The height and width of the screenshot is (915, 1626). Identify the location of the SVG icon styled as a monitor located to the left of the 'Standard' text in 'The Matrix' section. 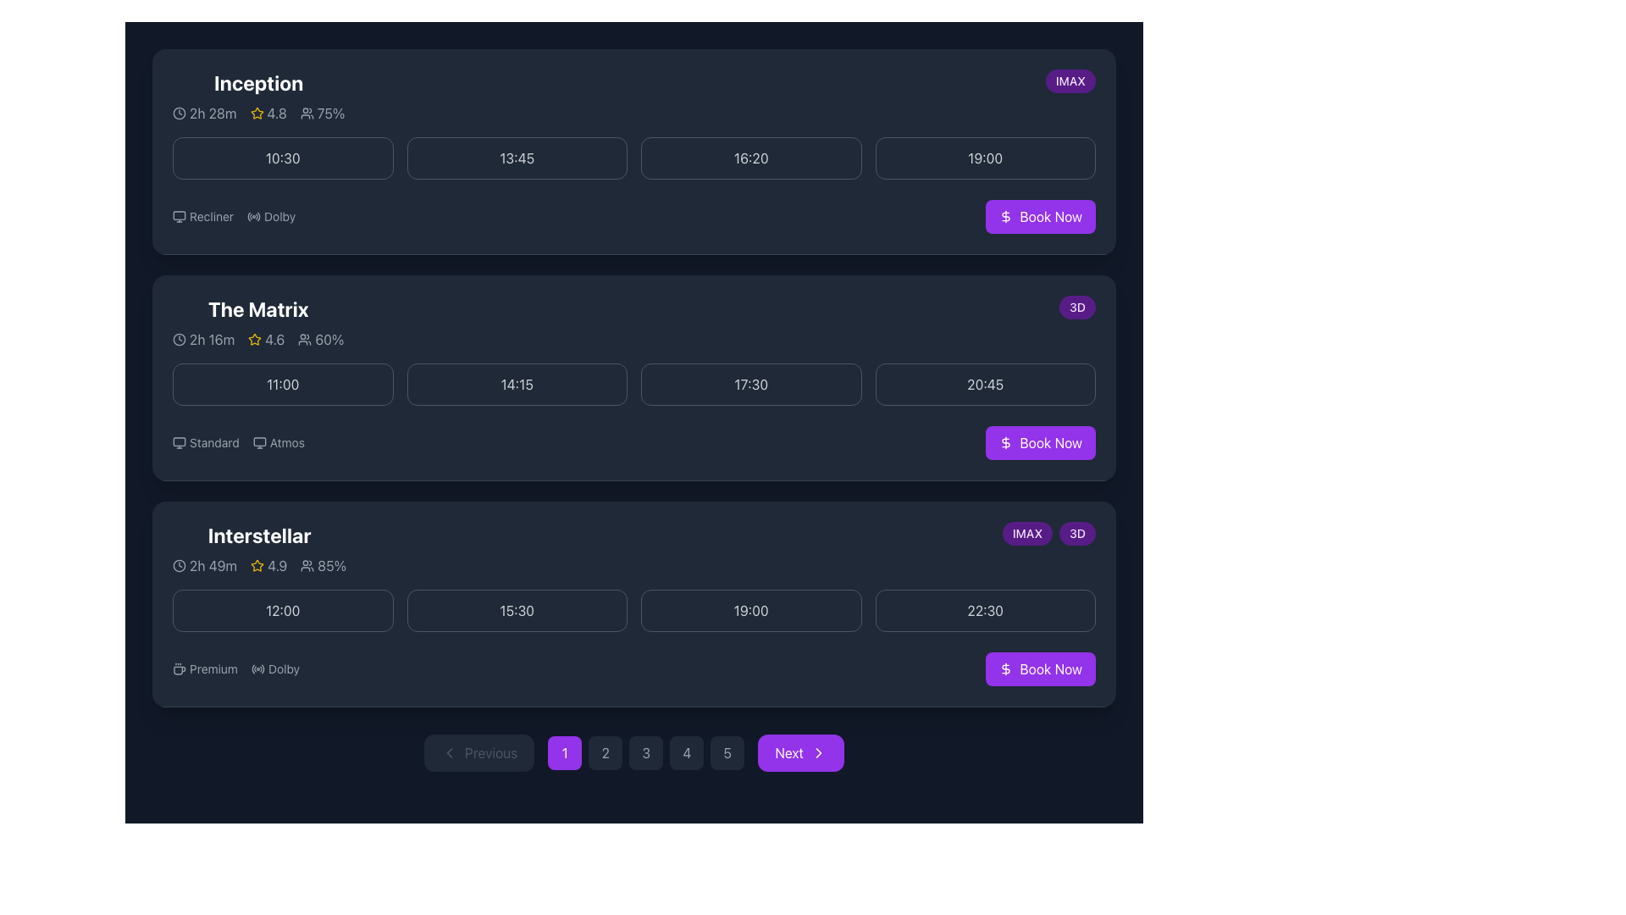
(179, 442).